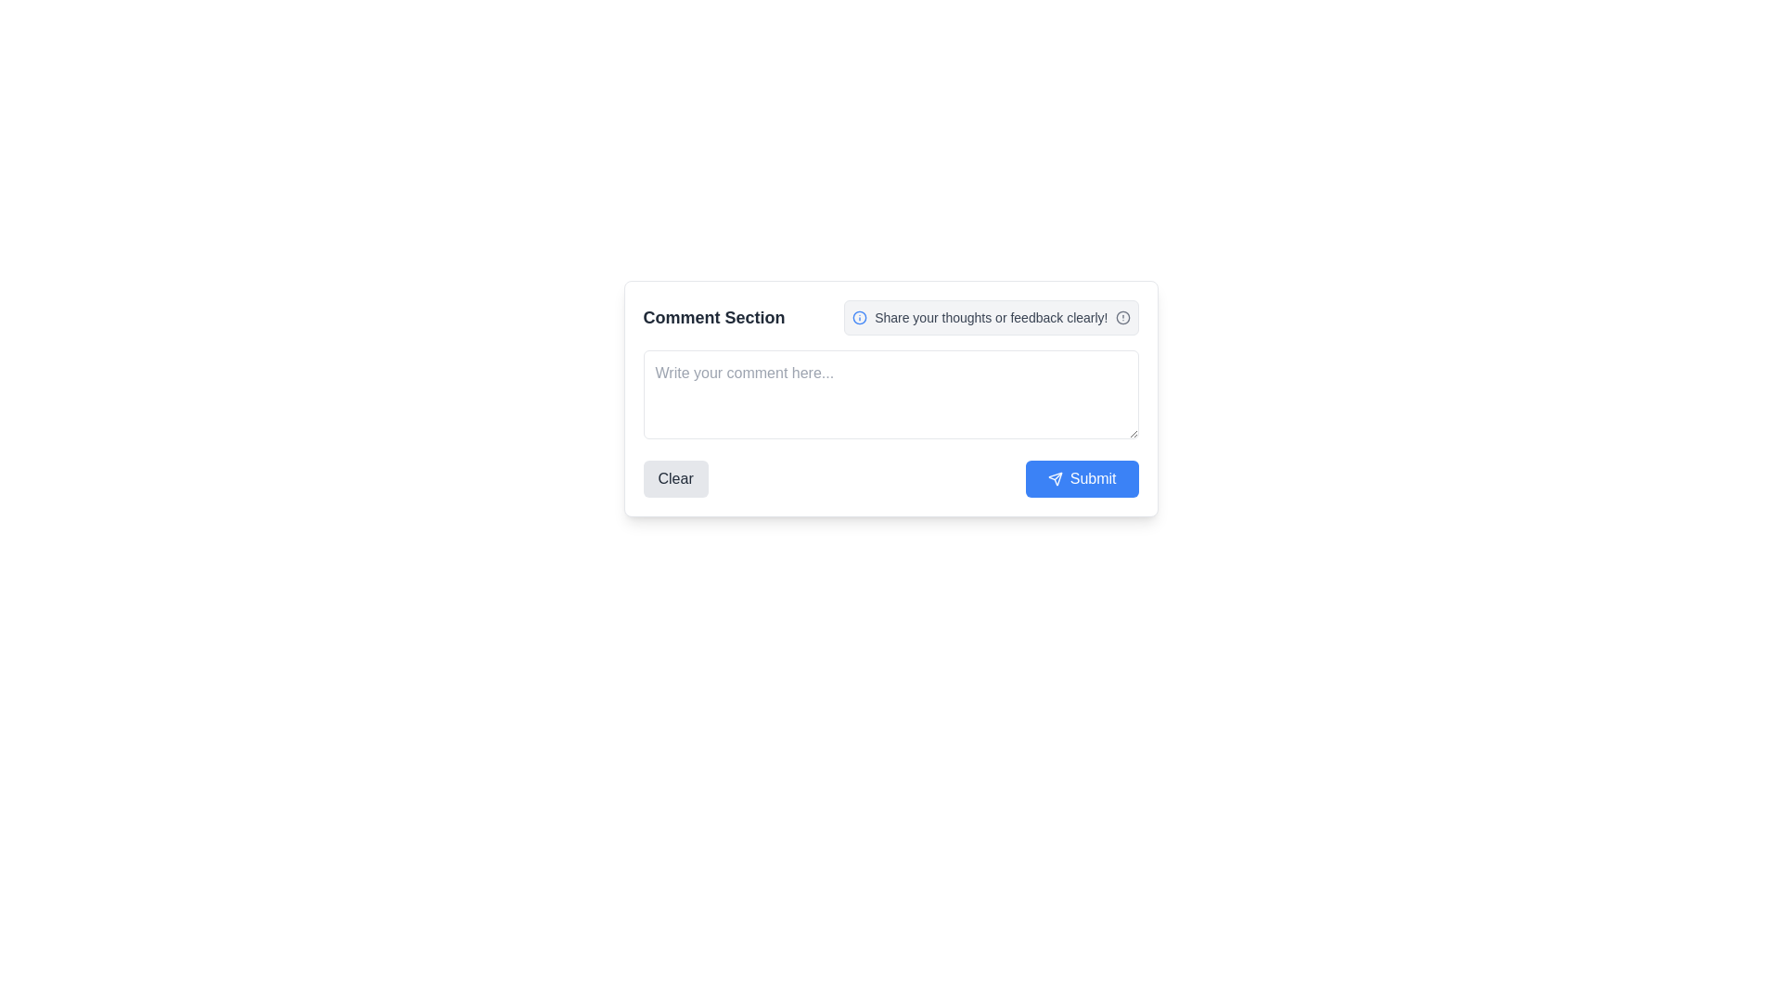 The image size is (1781, 1001). I want to click on the icon embedded within the 'Submit' button, which is located on the right side of the comment input section in the feedback form interface, so click(1055, 477).